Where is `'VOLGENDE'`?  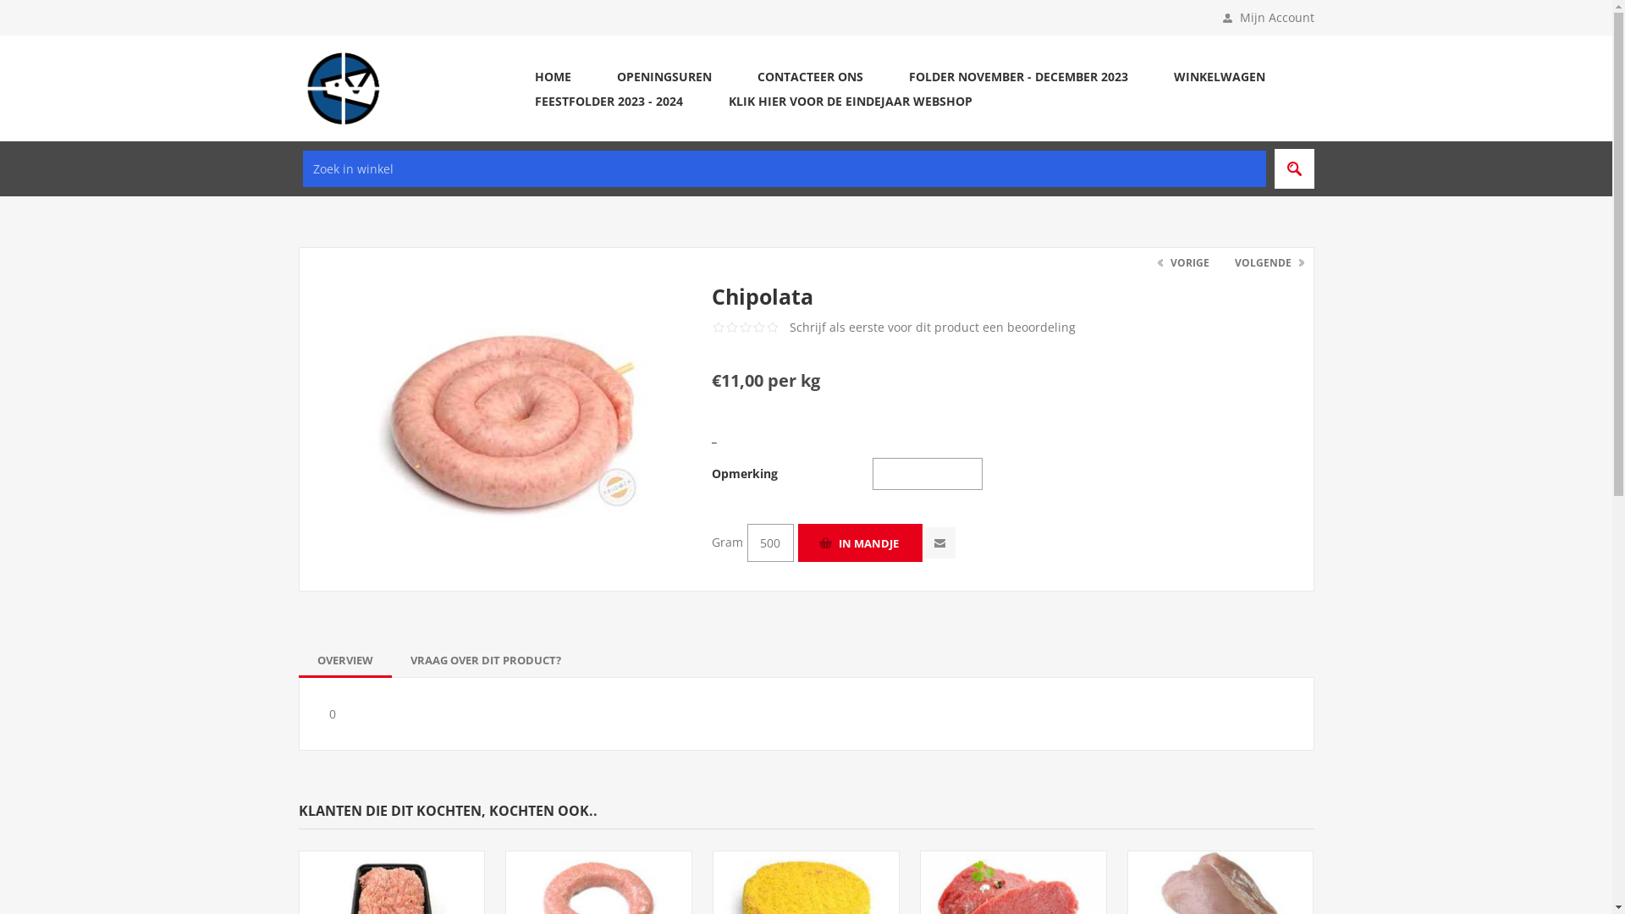 'VOLGENDE' is located at coordinates (1268, 262).